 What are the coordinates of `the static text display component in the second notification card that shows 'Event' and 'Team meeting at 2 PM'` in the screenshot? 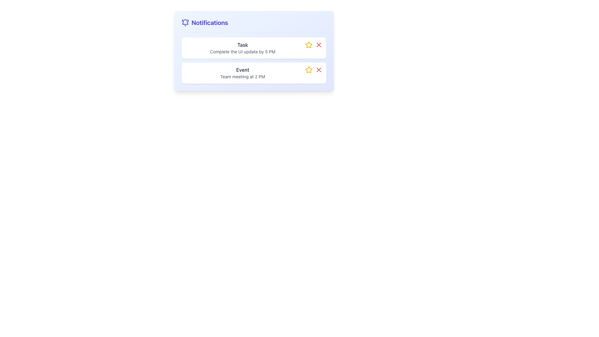 It's located at (242, 73).